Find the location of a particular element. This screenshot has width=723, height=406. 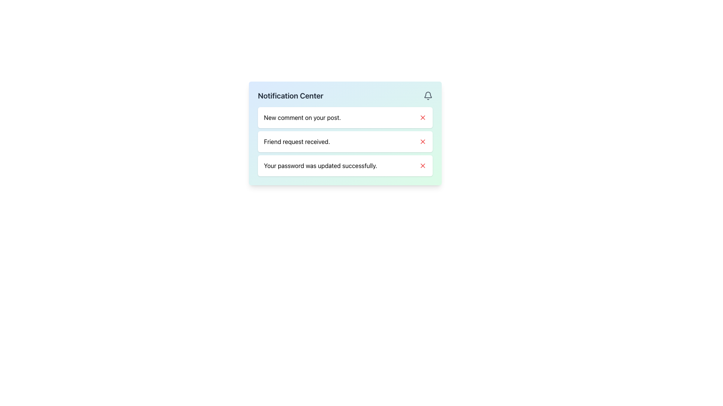

notification text displaying a received friend request, which is centered within the notification card located in the second position of the vertical list is located at coordinates (296, 142).